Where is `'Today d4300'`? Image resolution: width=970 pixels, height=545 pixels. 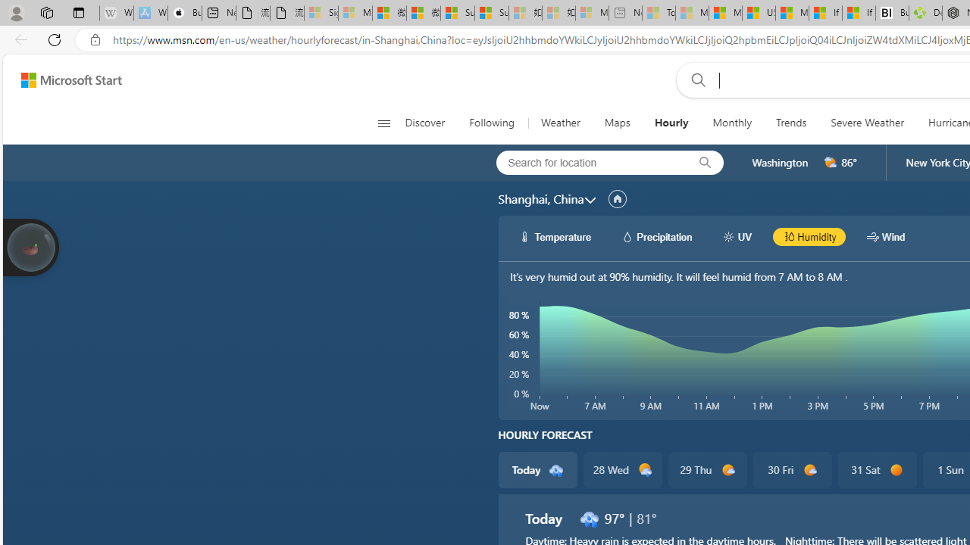
'Today d4300' is located at coordinates (537, 469).